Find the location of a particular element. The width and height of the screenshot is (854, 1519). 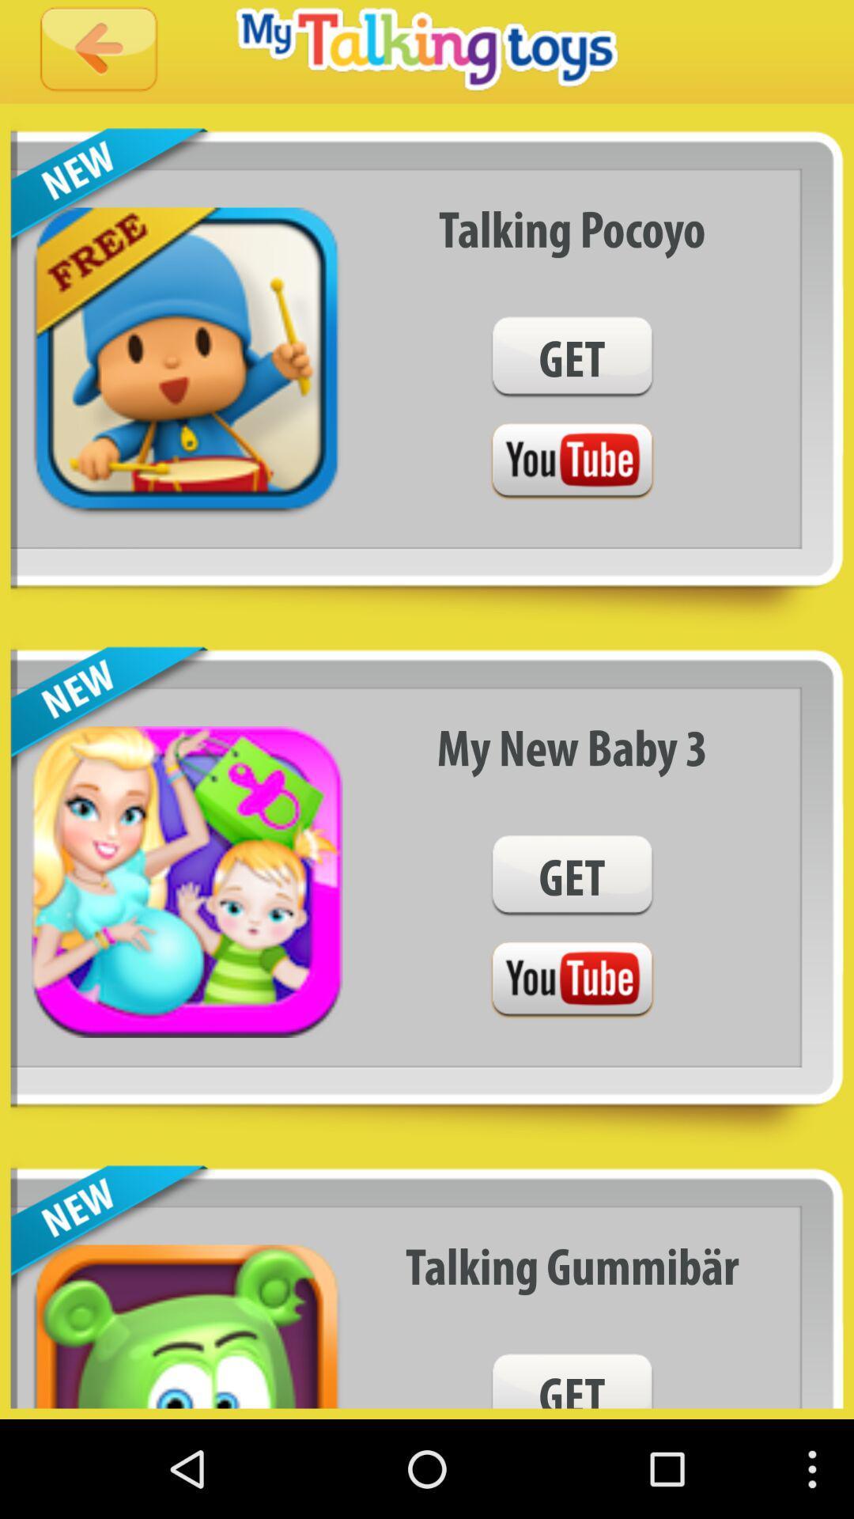

video is located at coordinates (572, 979).